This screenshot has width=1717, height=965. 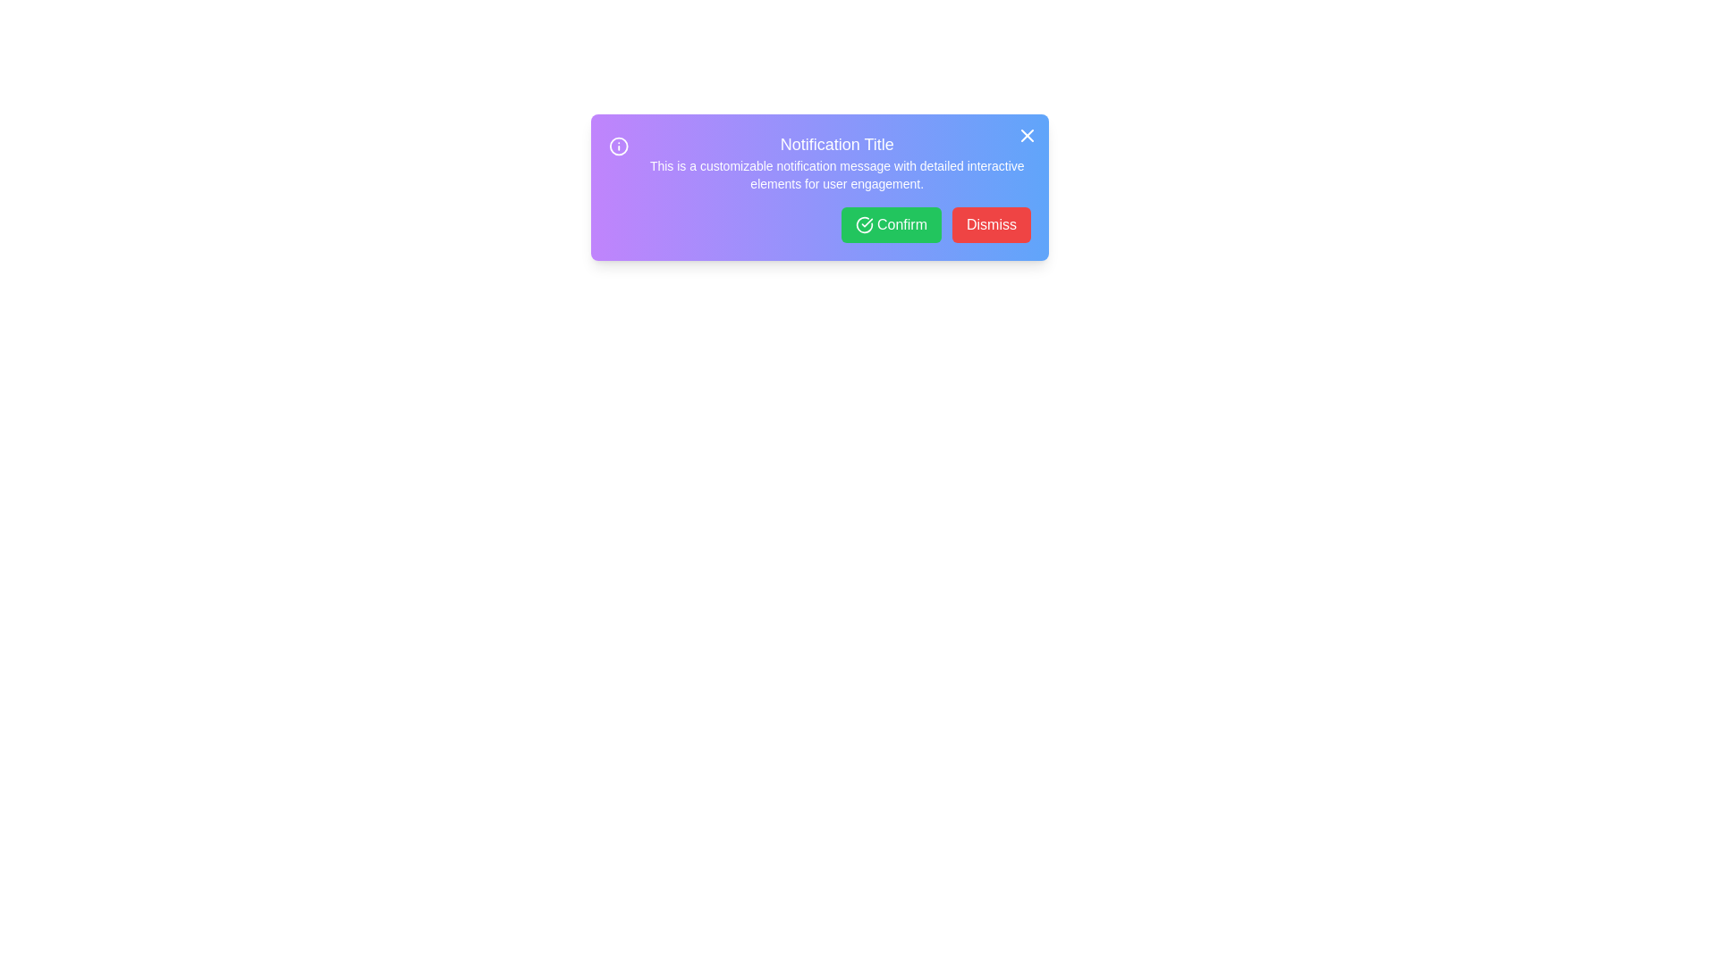 What do you see at coordinates (892, 223) in the screenshot?
I see `the 'Confirm' button to proceed with the notification's action` at bounding box center [892, 223].